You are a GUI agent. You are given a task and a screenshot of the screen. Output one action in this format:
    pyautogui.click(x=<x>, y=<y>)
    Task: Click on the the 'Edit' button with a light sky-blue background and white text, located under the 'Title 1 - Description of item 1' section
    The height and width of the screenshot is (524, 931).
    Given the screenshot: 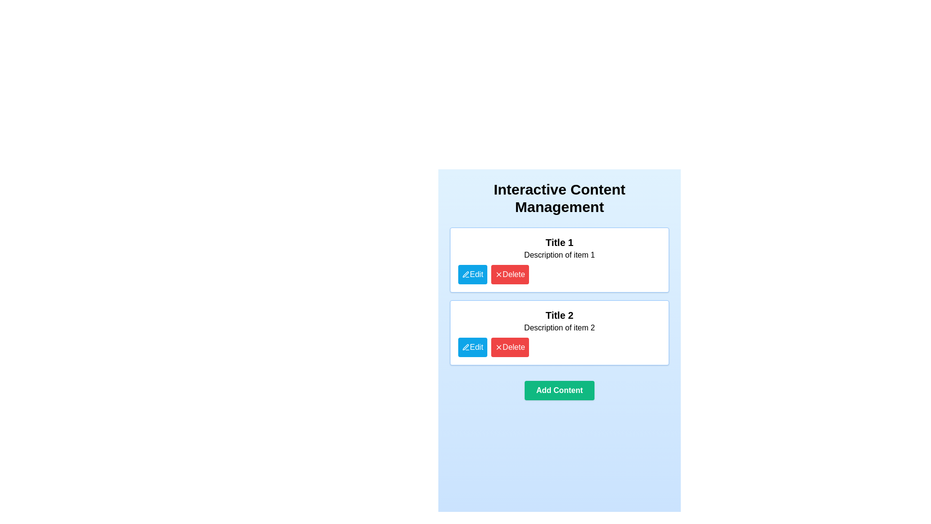 What is the action you would take?
    pyautogui.click(x=472, y=275)
    